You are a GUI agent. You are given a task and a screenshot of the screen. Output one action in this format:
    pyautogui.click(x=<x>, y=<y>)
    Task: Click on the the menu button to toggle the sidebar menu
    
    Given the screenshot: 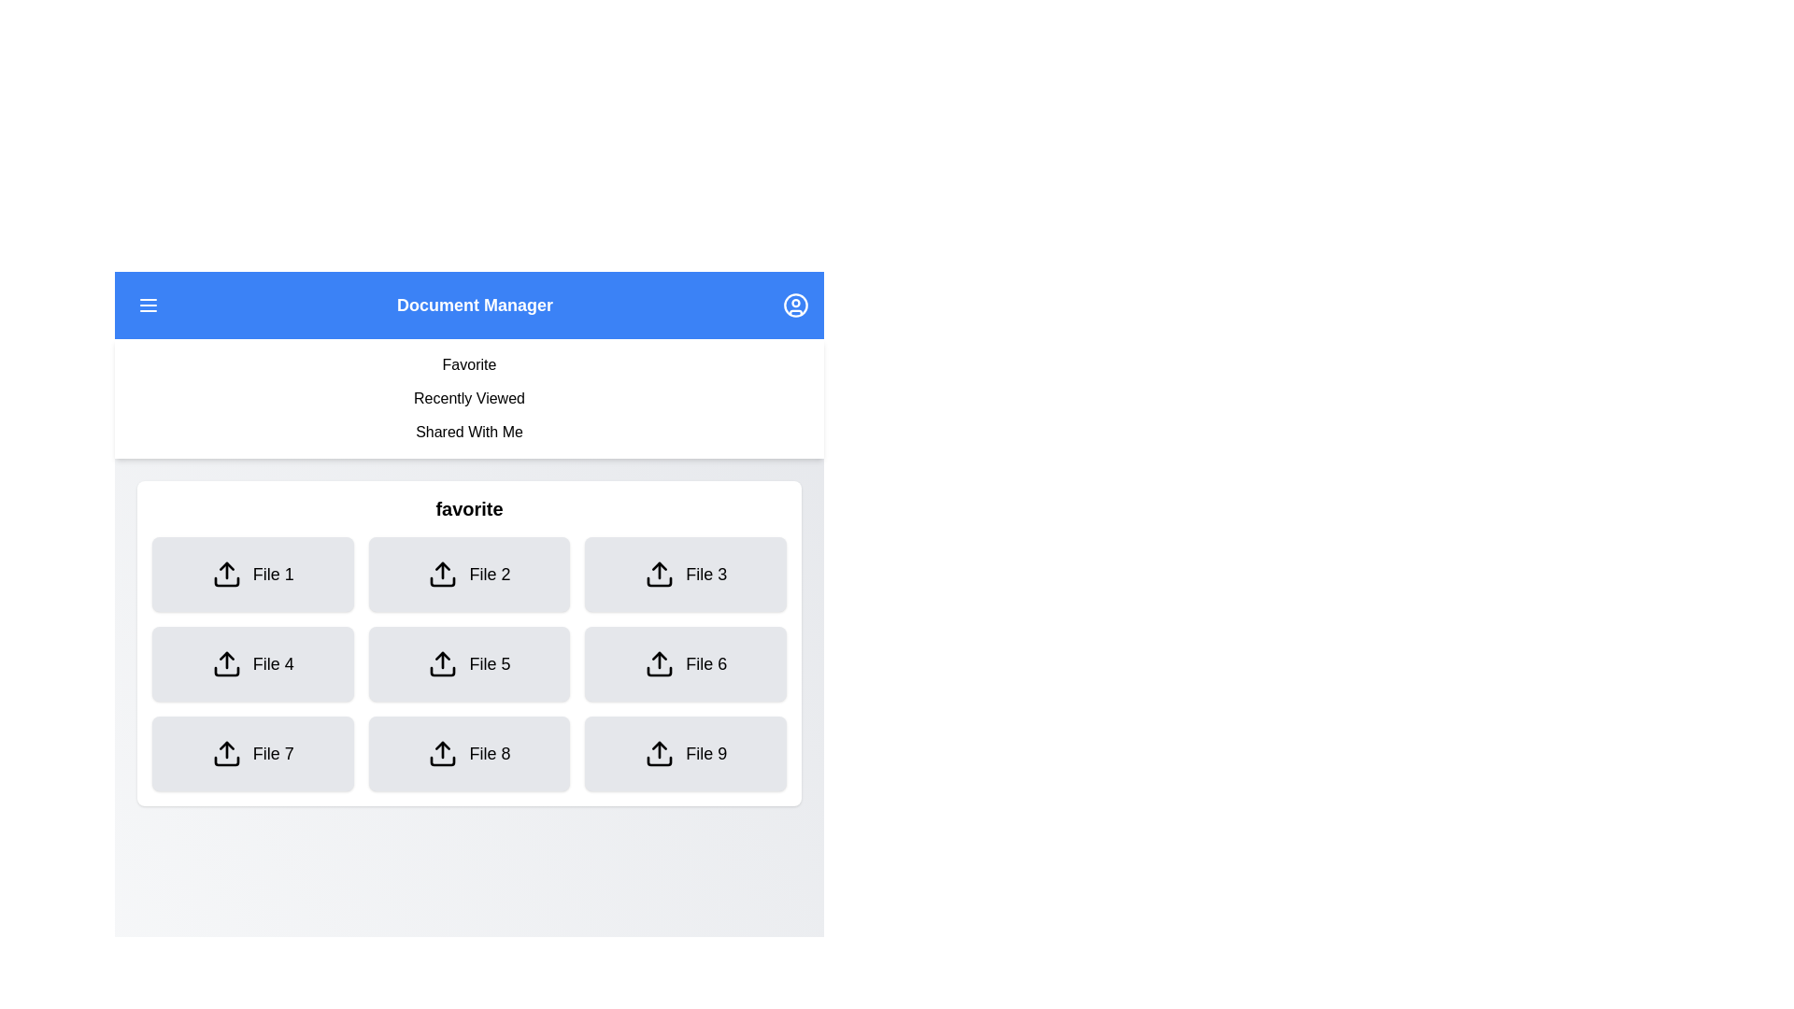 What is the action you would take?
    pyautogui.click(x=147, y=305)
    